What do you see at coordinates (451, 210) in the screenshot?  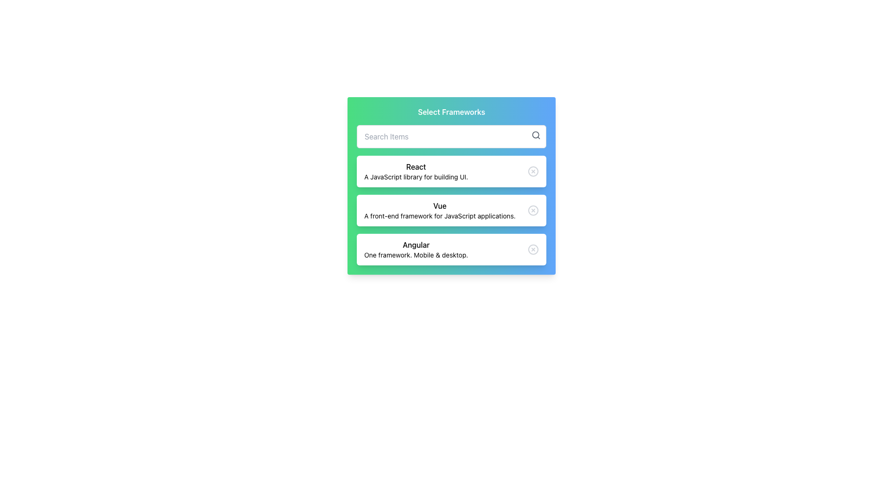 I see `the informational card displaying details about the 'Vue' framework, which is the second card in a vertical list of three cards` at bounding box center [451, 210].